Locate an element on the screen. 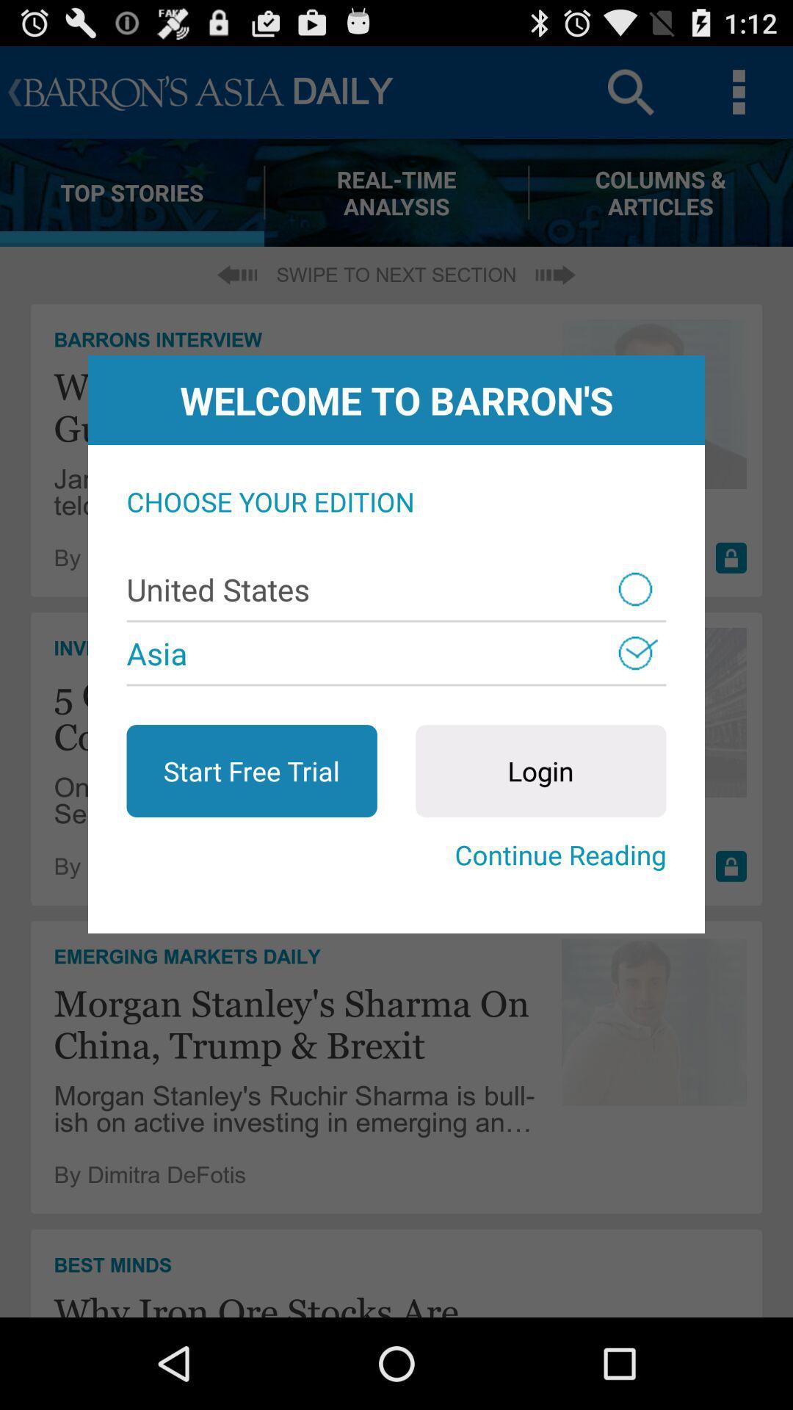 This screenshot has height=1410, width=793. start free trial icon is located at coordinates (251, 770).